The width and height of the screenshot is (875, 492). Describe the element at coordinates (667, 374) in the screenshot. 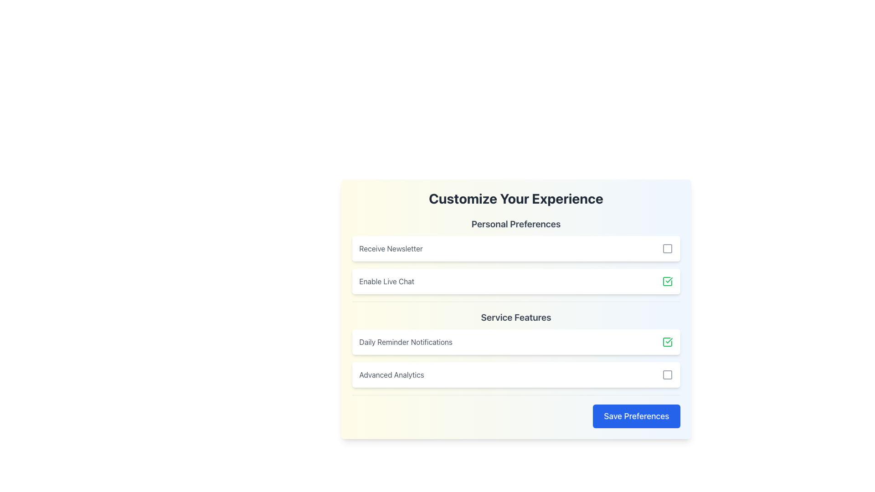

I see `the interactive checkbox with a red border located in the 'Advanced Analytics' section, positioned in the fourth row of 'Service Features', to check or uncheck it` at that location.